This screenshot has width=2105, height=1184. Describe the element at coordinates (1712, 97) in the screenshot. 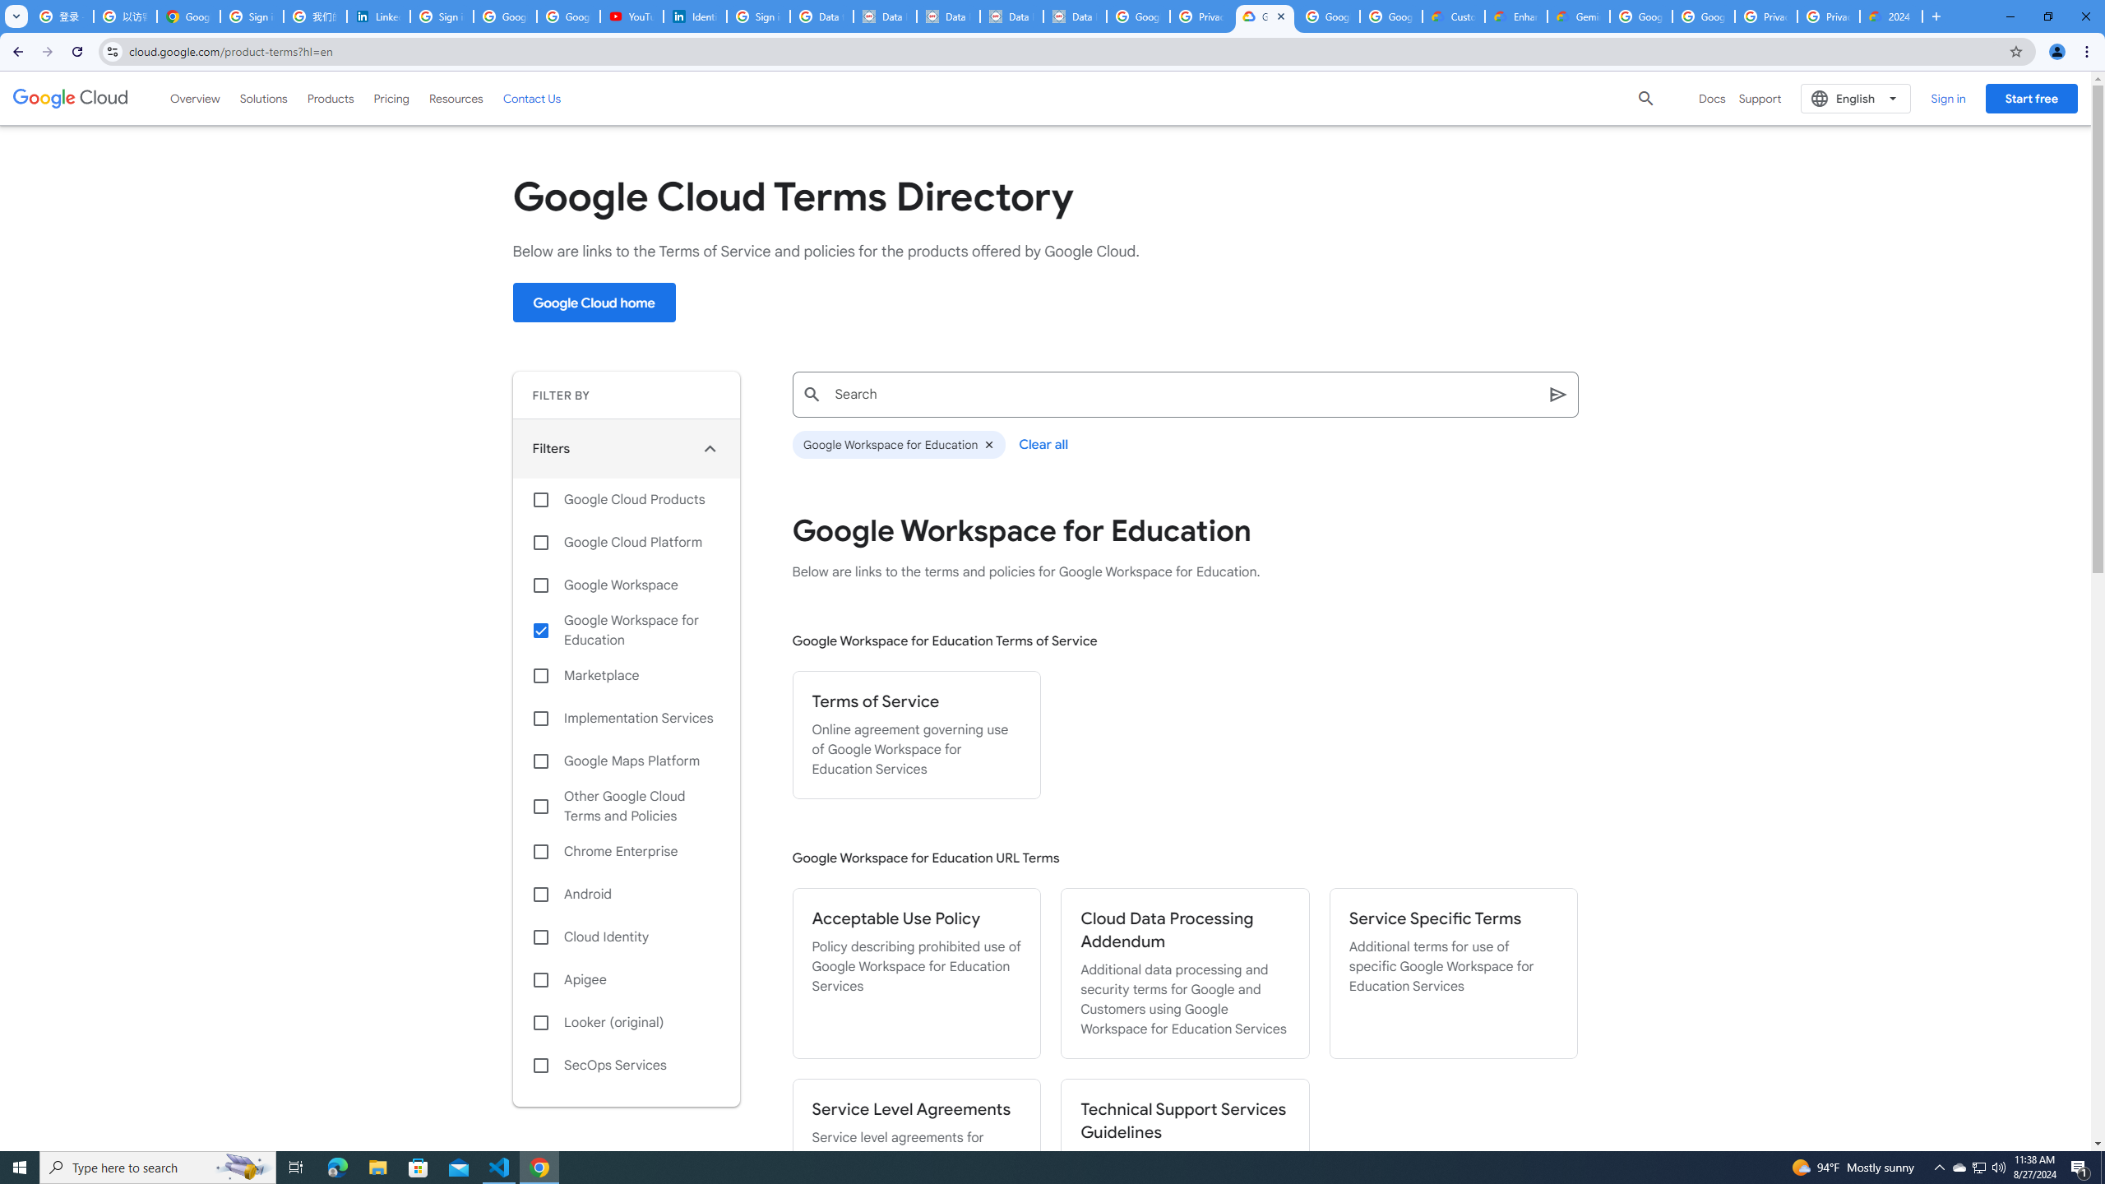

I see `'Docs'` at that location.